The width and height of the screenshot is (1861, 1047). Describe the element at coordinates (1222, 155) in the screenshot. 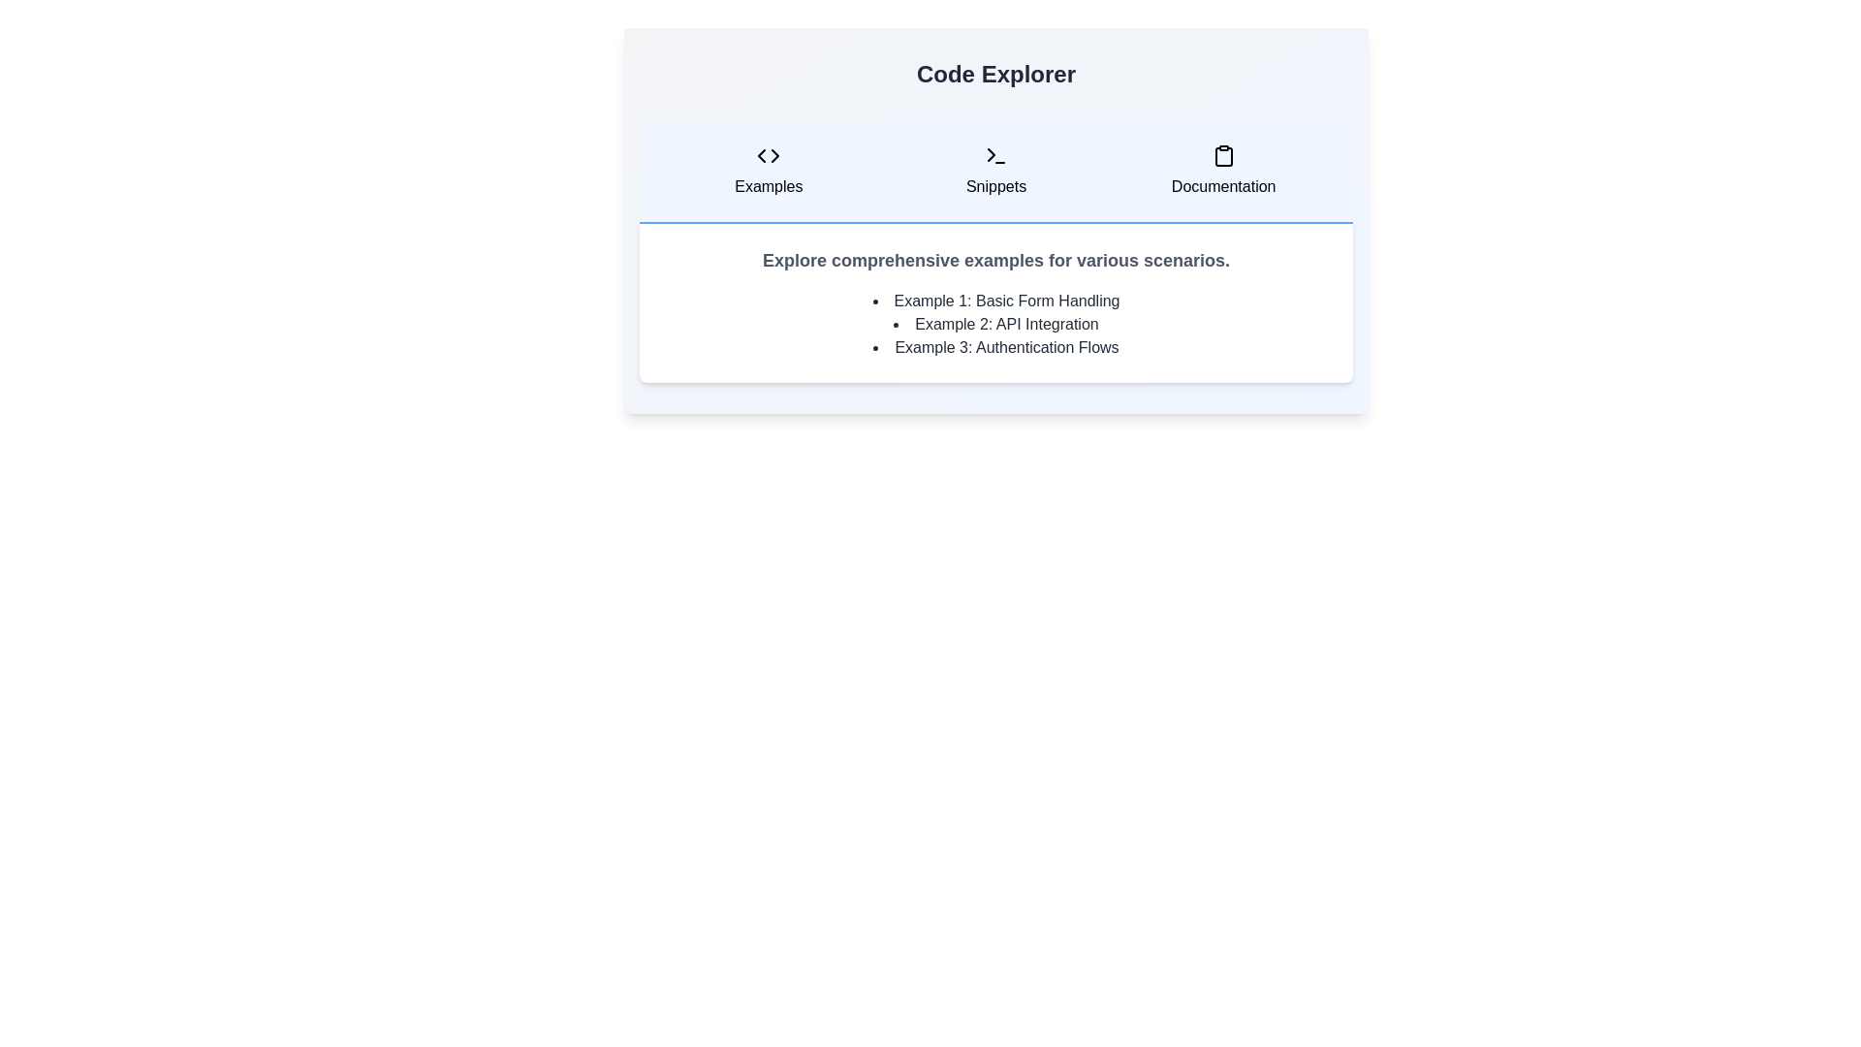

I see `the outlined clipboard icon located above the 'Documentation' label, which is centered horizontally within the 'Documentation' tab` at that location.